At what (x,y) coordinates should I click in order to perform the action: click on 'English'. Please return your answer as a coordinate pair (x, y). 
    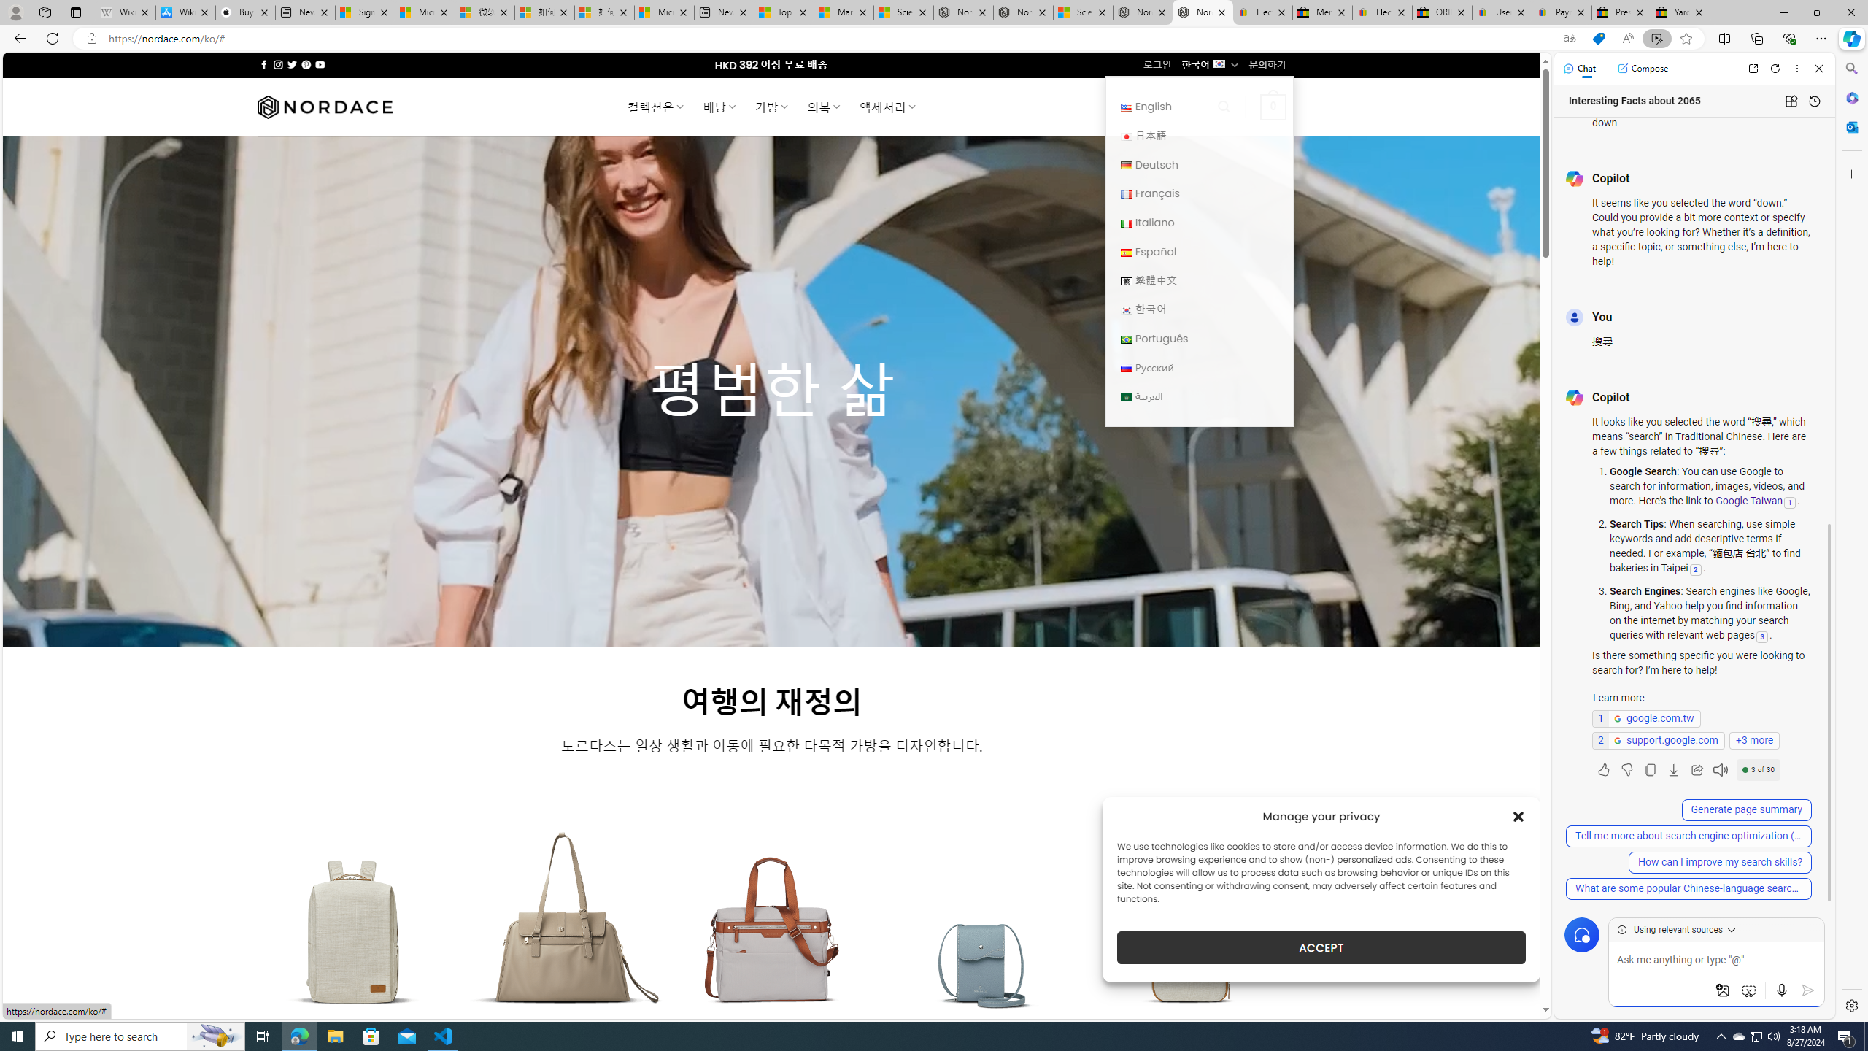
    Looking at the image, I should click on (1125, 107).